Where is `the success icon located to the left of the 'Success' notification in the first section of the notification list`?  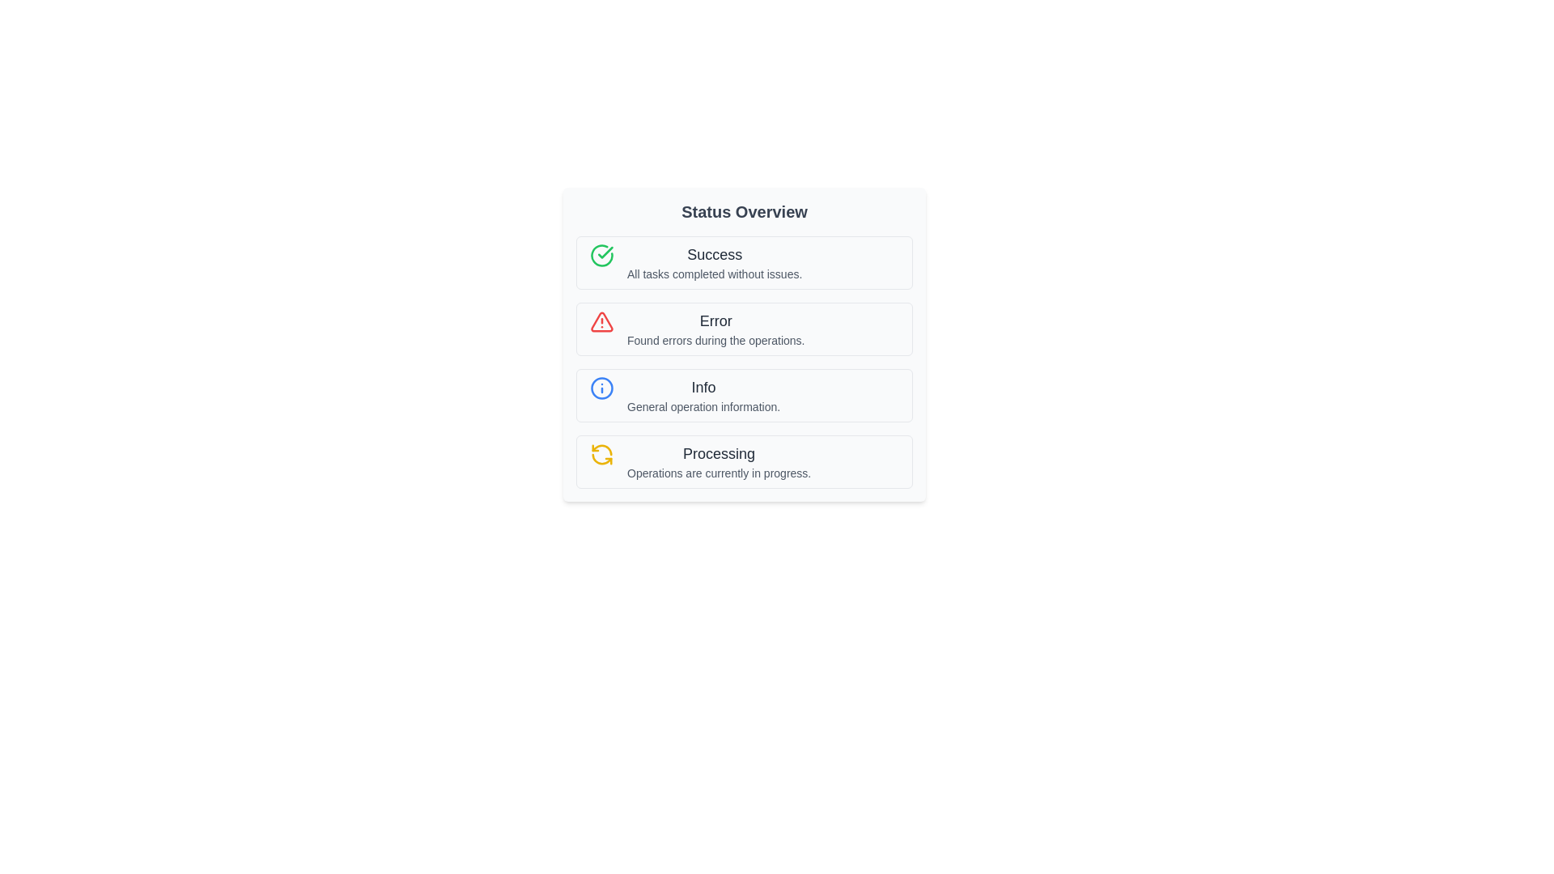
the success icon located to the left of the 'Success' notification in the first section of the notification list is located at coordinates (601, 255).